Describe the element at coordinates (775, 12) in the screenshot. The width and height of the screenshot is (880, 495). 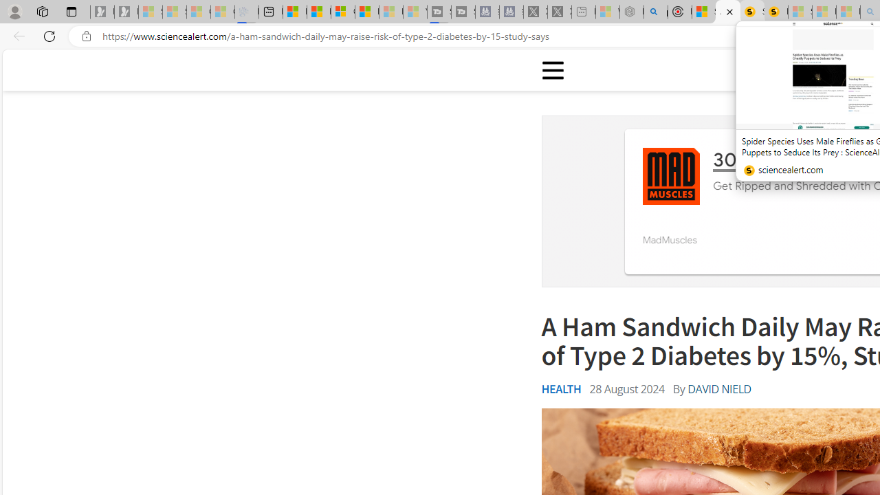
I see `'Michelle Starr, Senior Journalist at ScienceAlert'` at that location.